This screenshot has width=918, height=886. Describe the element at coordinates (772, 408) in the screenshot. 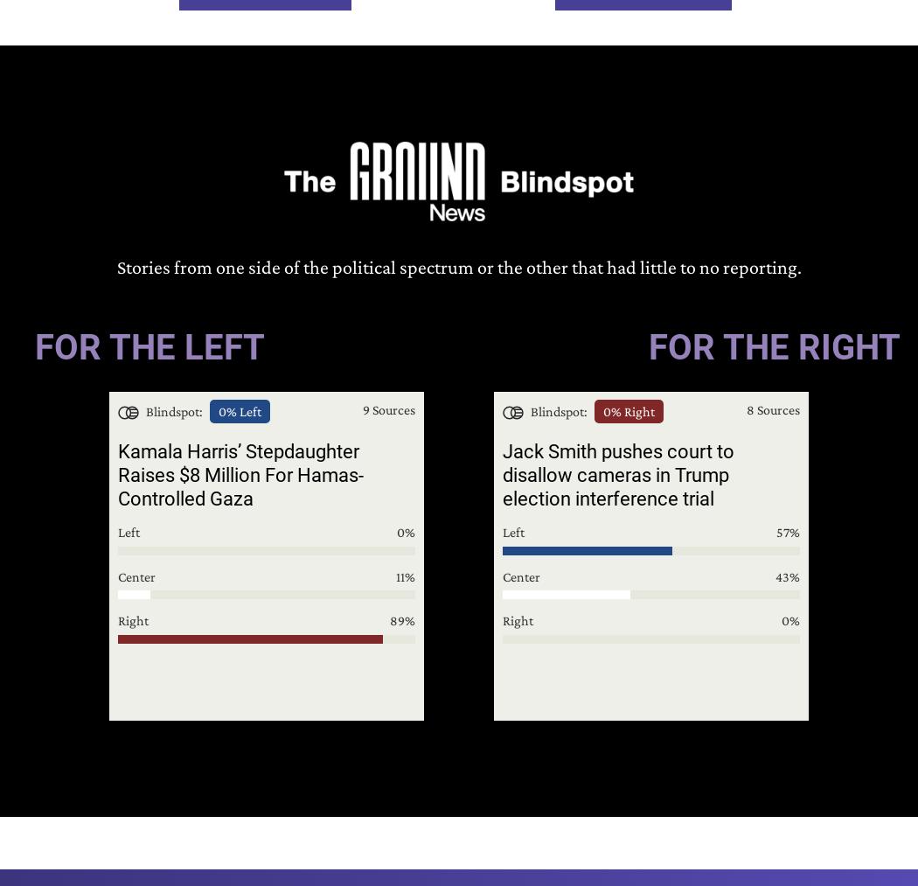

I see `'8 Sources'` at that location.